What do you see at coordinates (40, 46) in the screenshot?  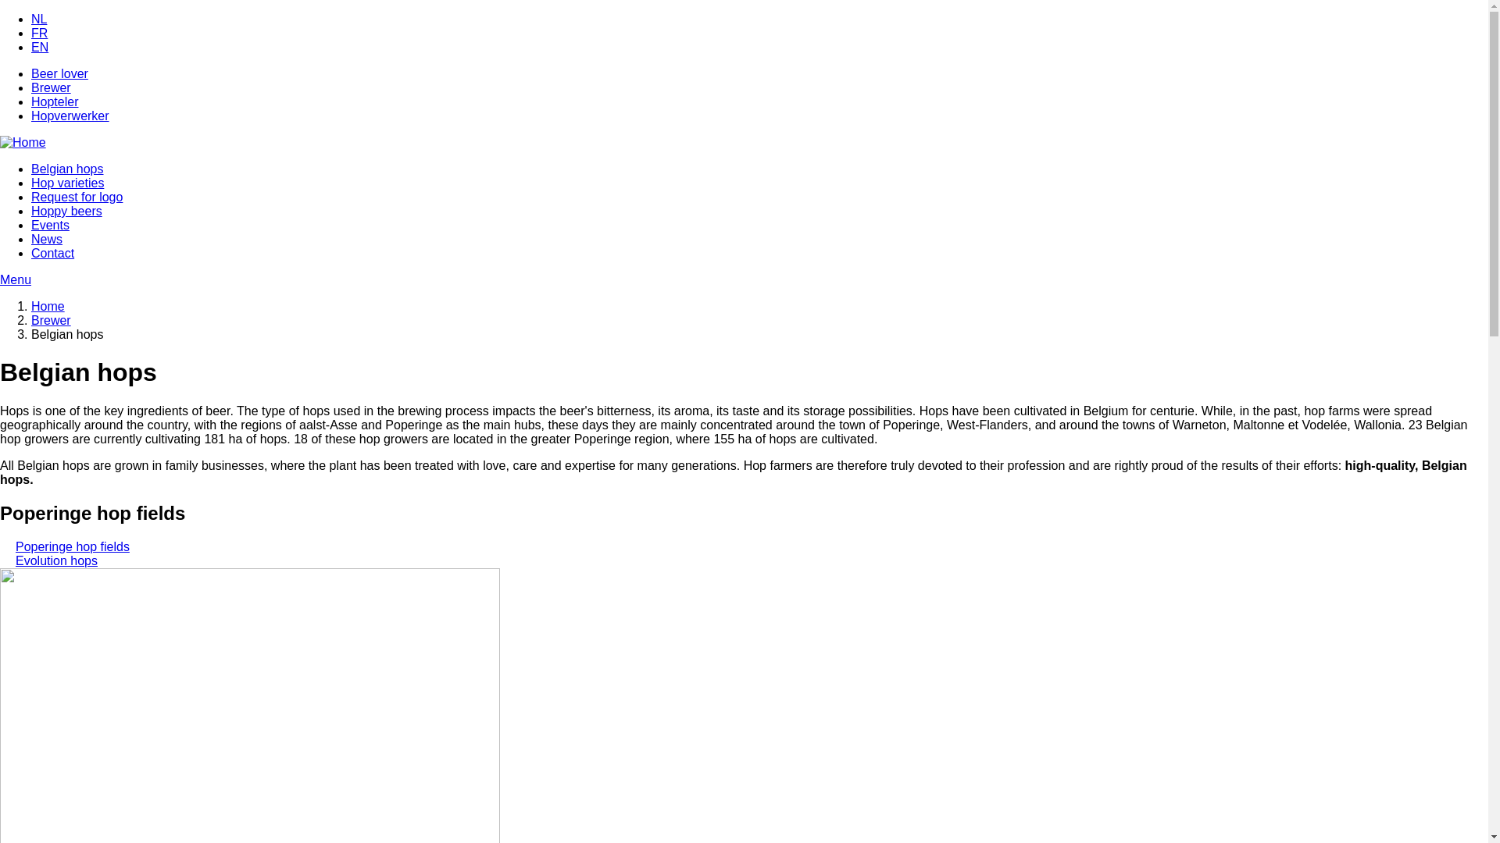 I see `'EN'` at bounding box center [40, 46].